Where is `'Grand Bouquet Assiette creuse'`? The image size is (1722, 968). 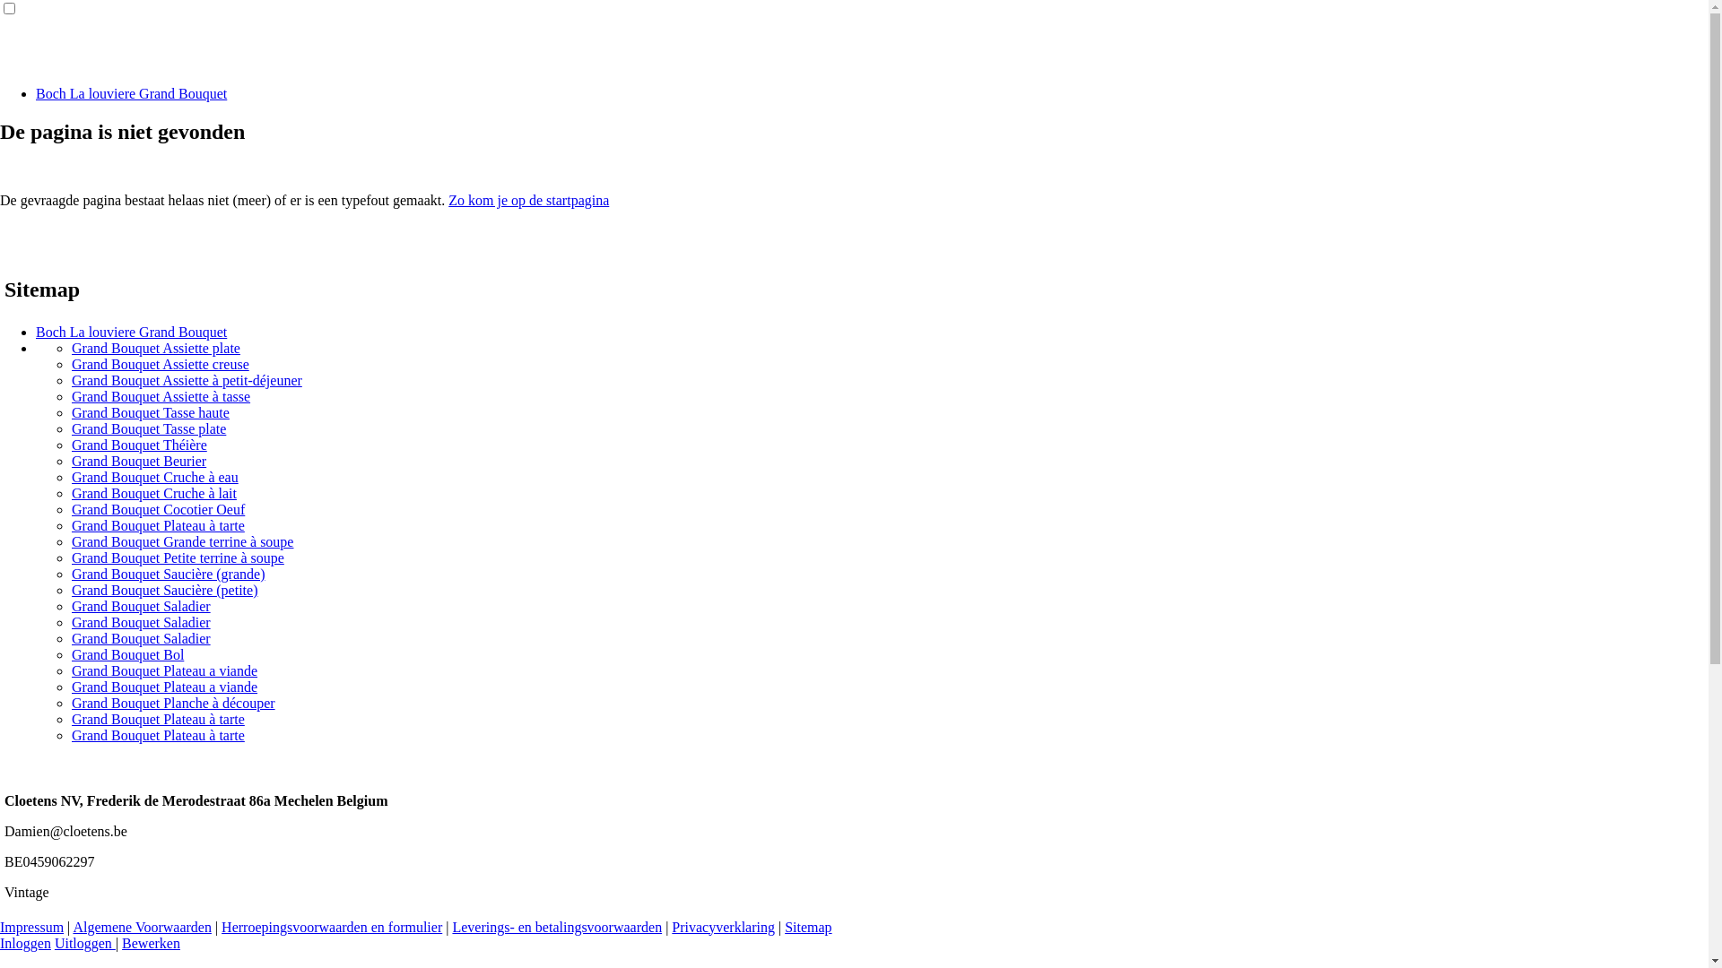 'Grand Bouquet Assiette creuse' is located at coordinates (160, 363).